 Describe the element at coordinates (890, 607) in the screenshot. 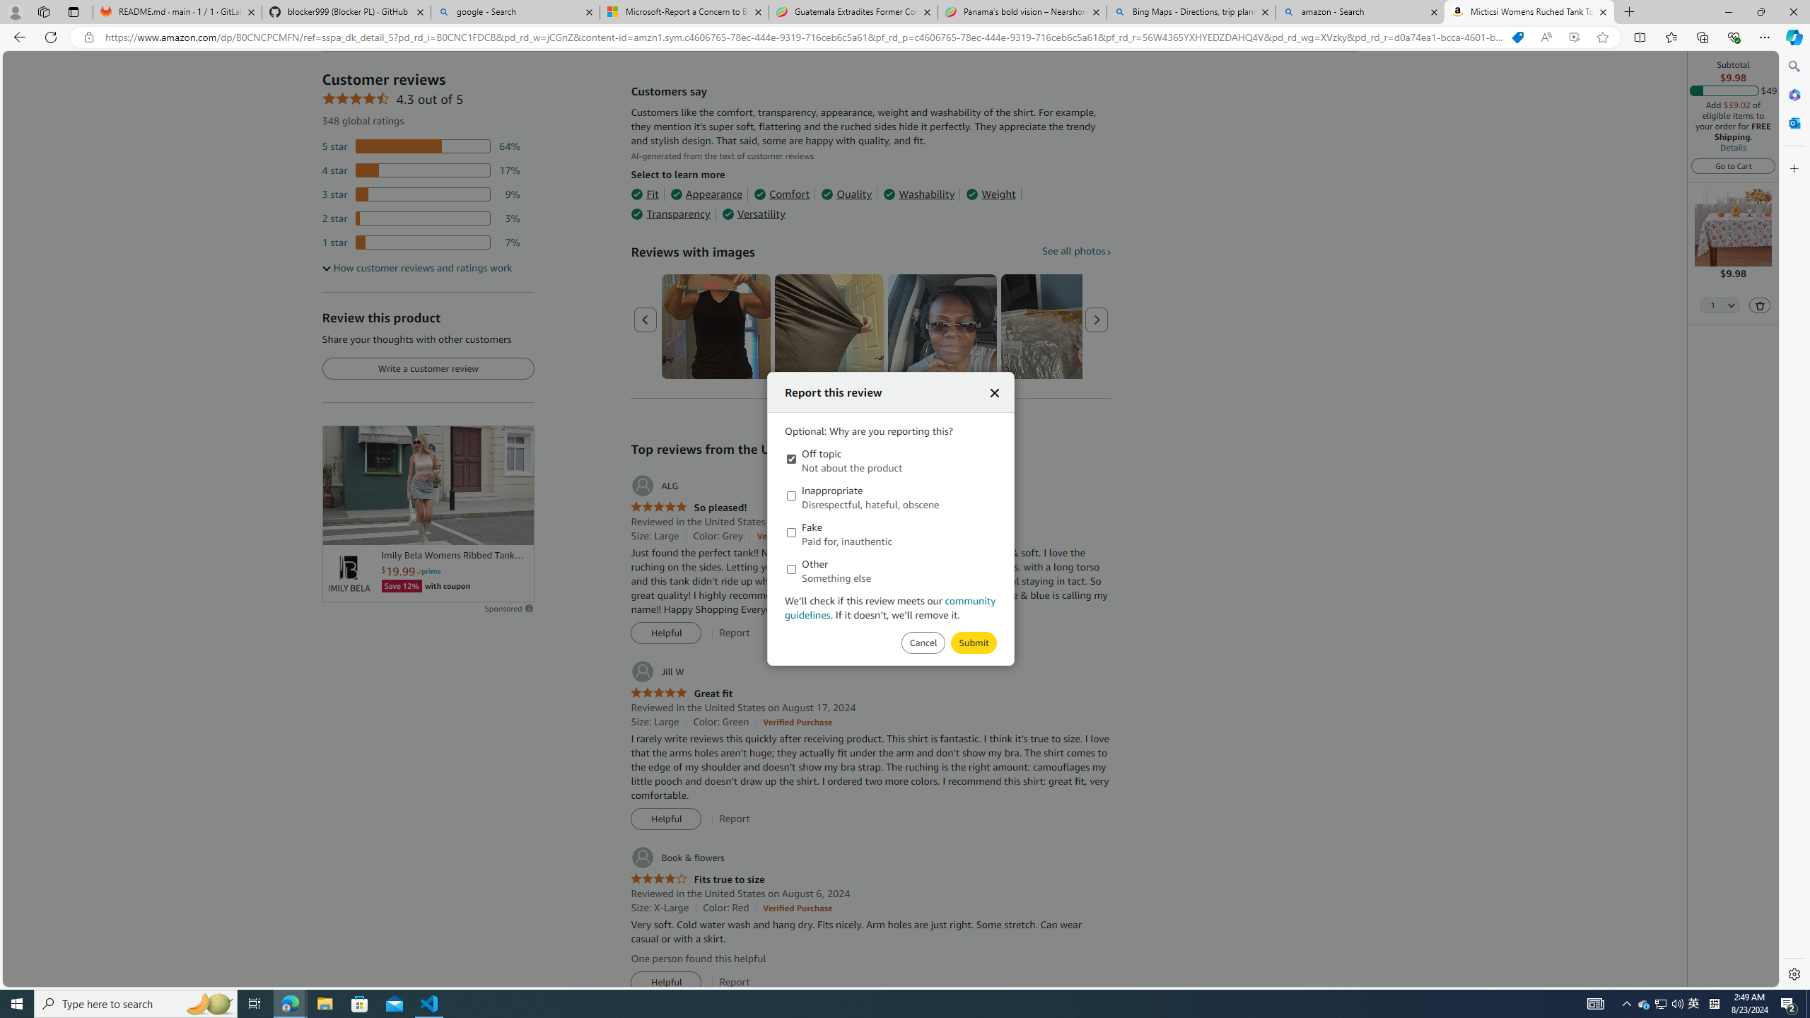

I see `'community guidelines'` at that location.